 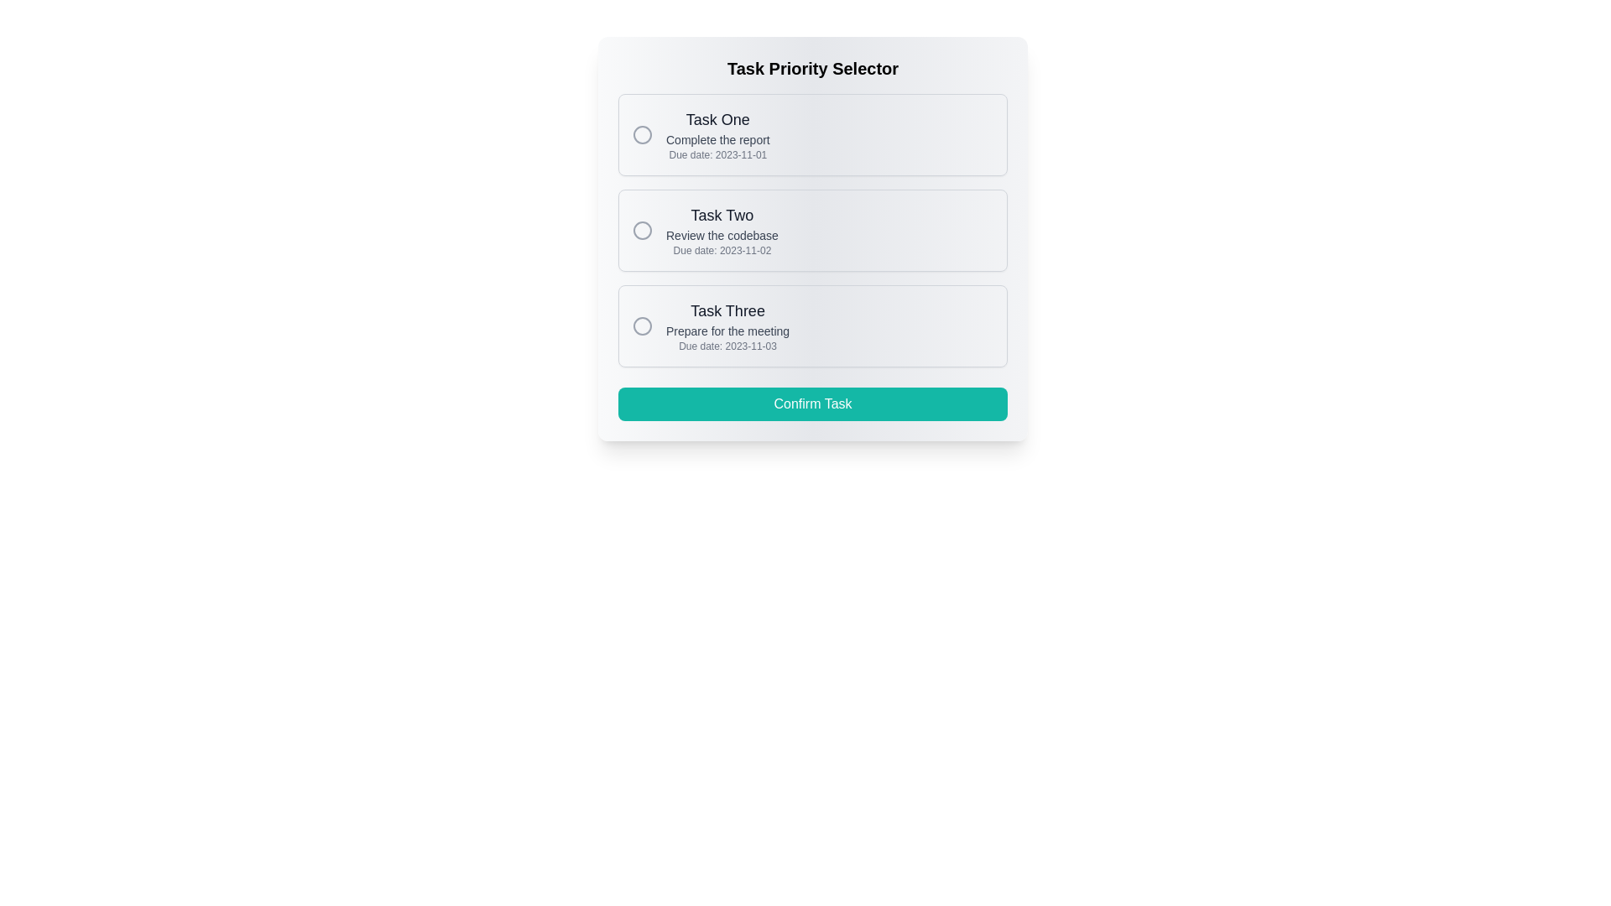 I want to click on the radio button icon located in the 'Task One' section, so click(x=642, y=134).